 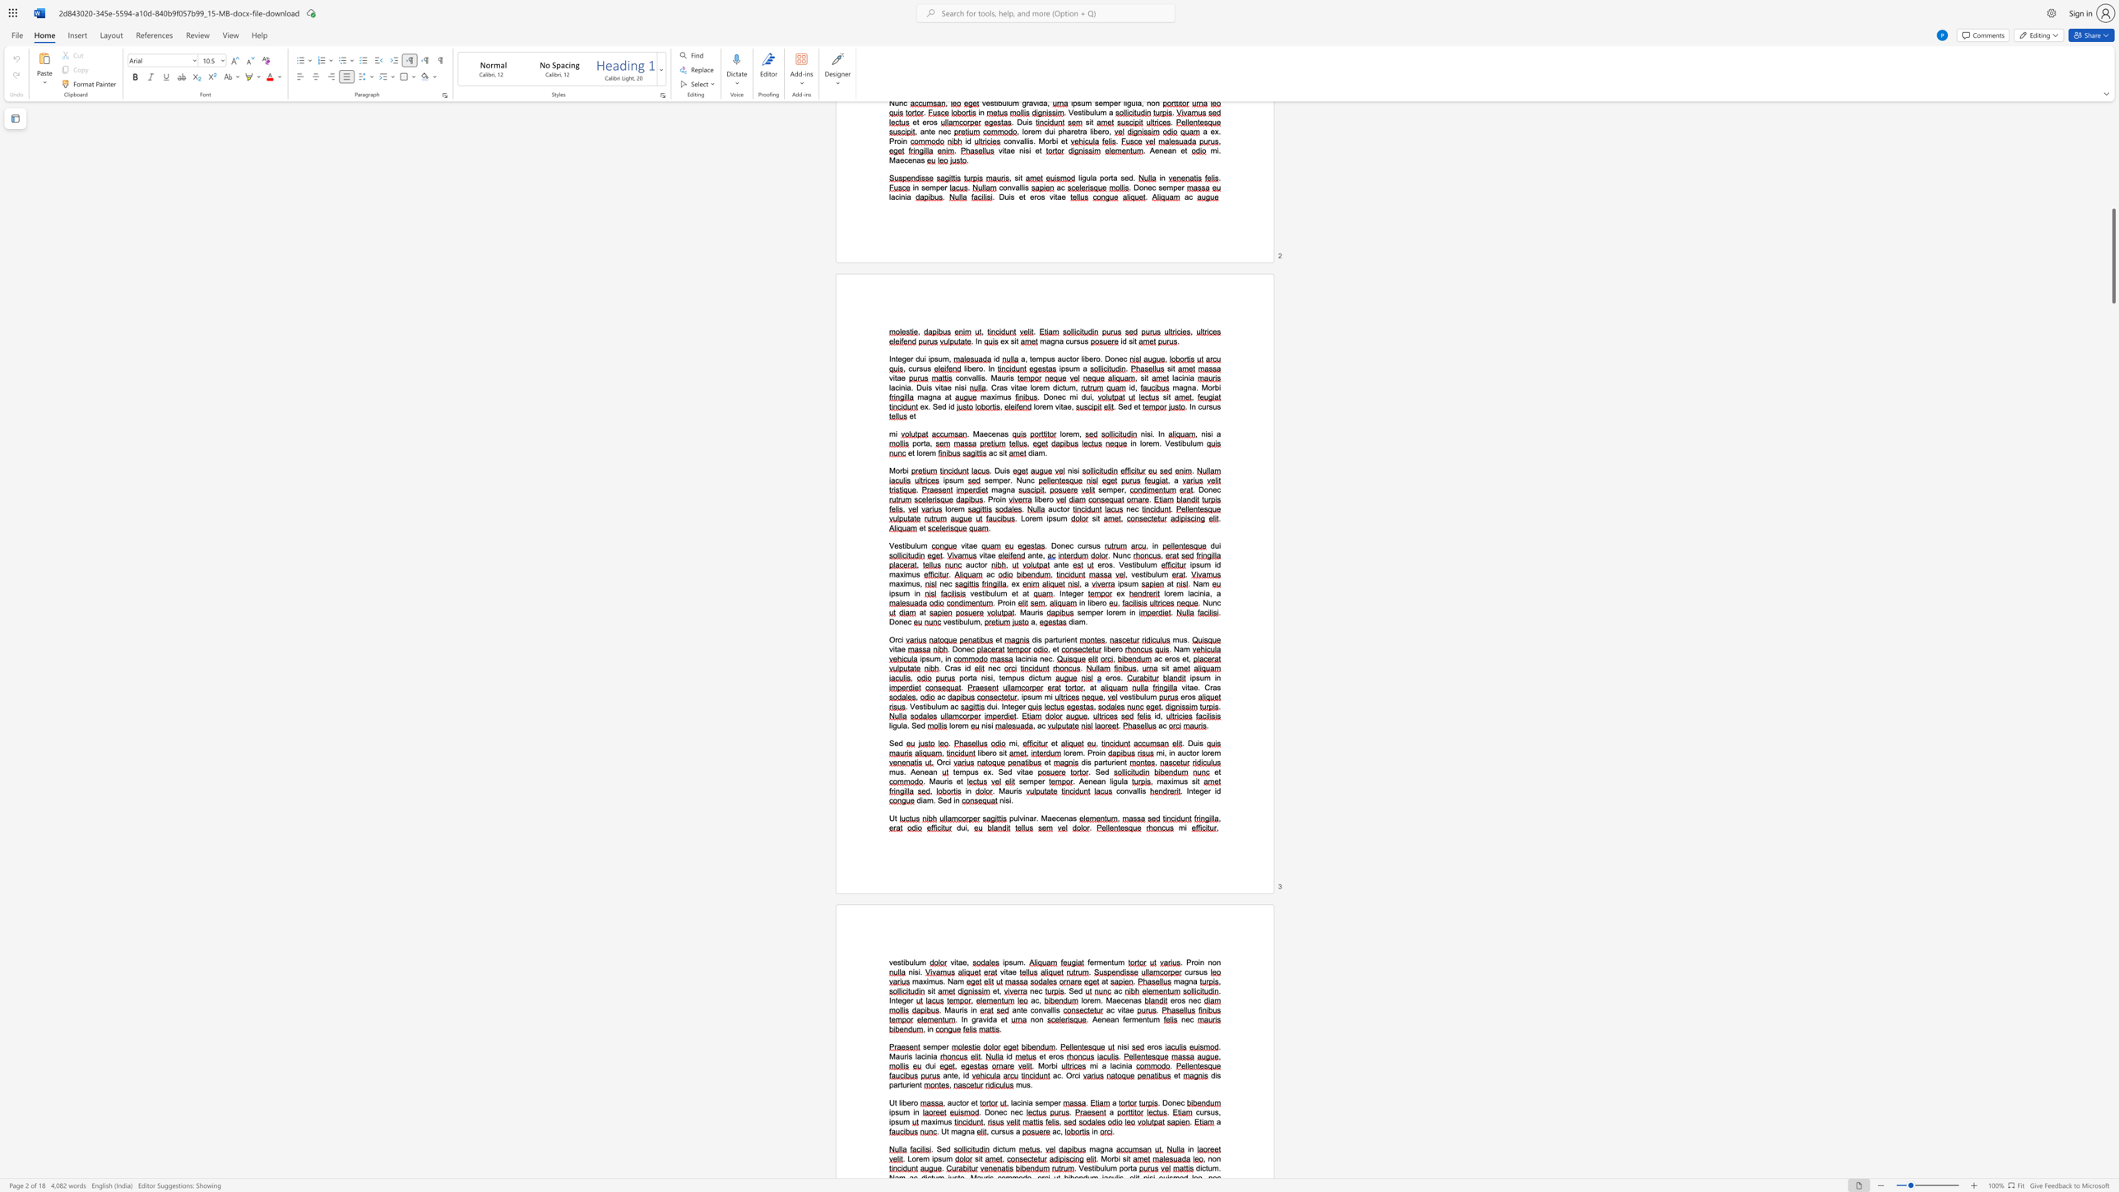 What do you see at coordinates (1203, 1111) in the screenshot?
I see `the space between the continuous character "u" and "r" in the text` at bounding box center [1203, 1111].